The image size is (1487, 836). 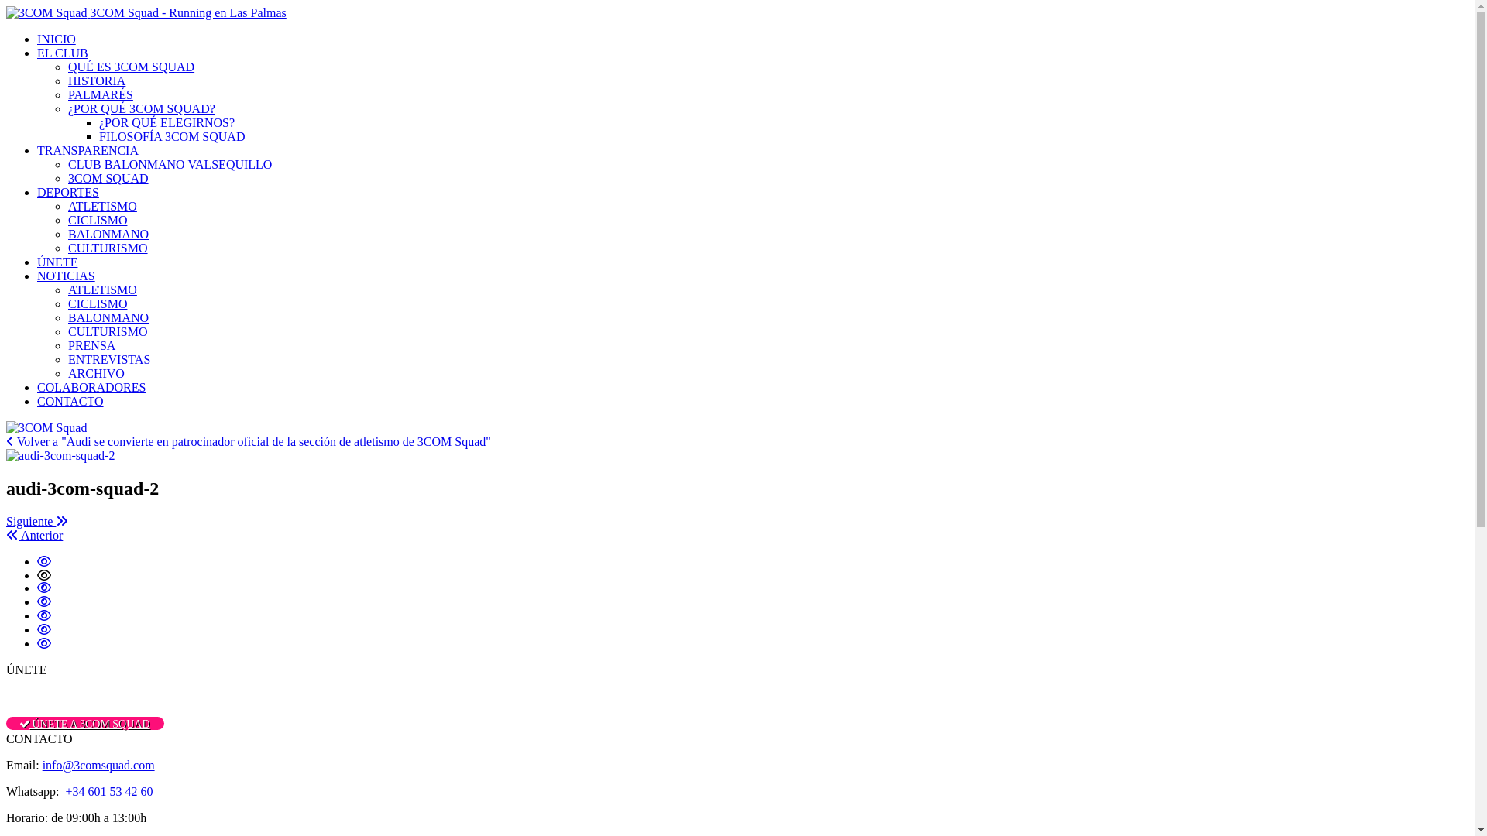 What do you see at coordinates (62, 52) in the screenshot?
I see `'EL CLUB'` at bounding box center [62, 52].